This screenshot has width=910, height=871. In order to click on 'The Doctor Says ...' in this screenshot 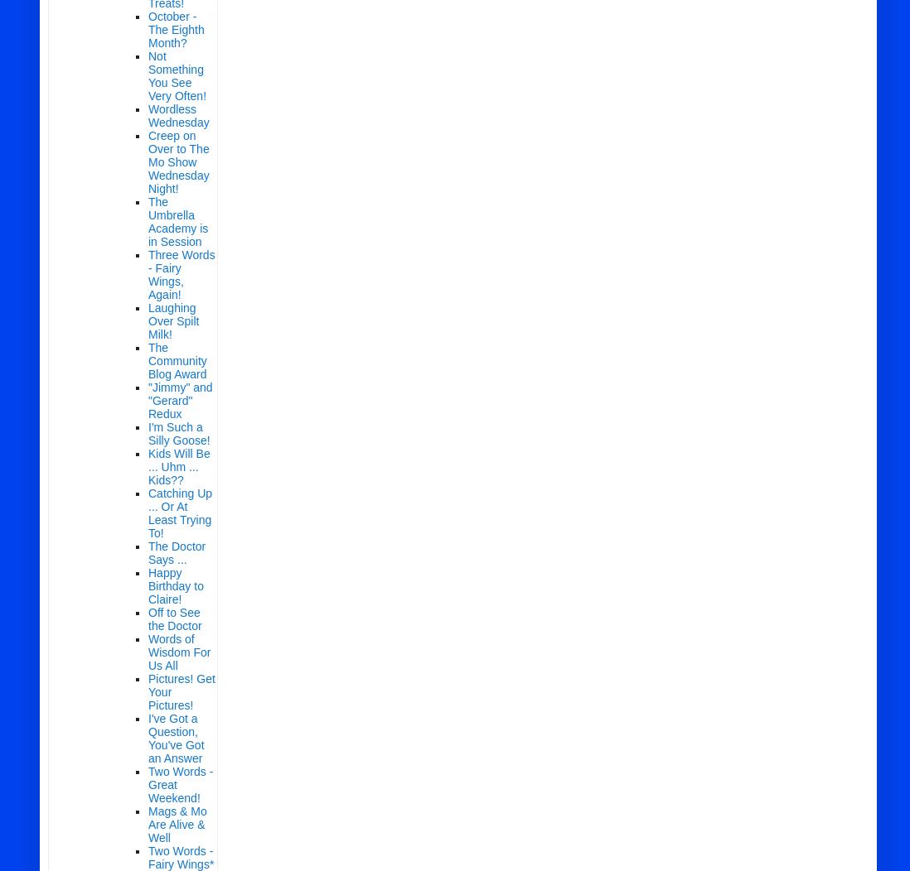, I will do `click(176, 552)`.